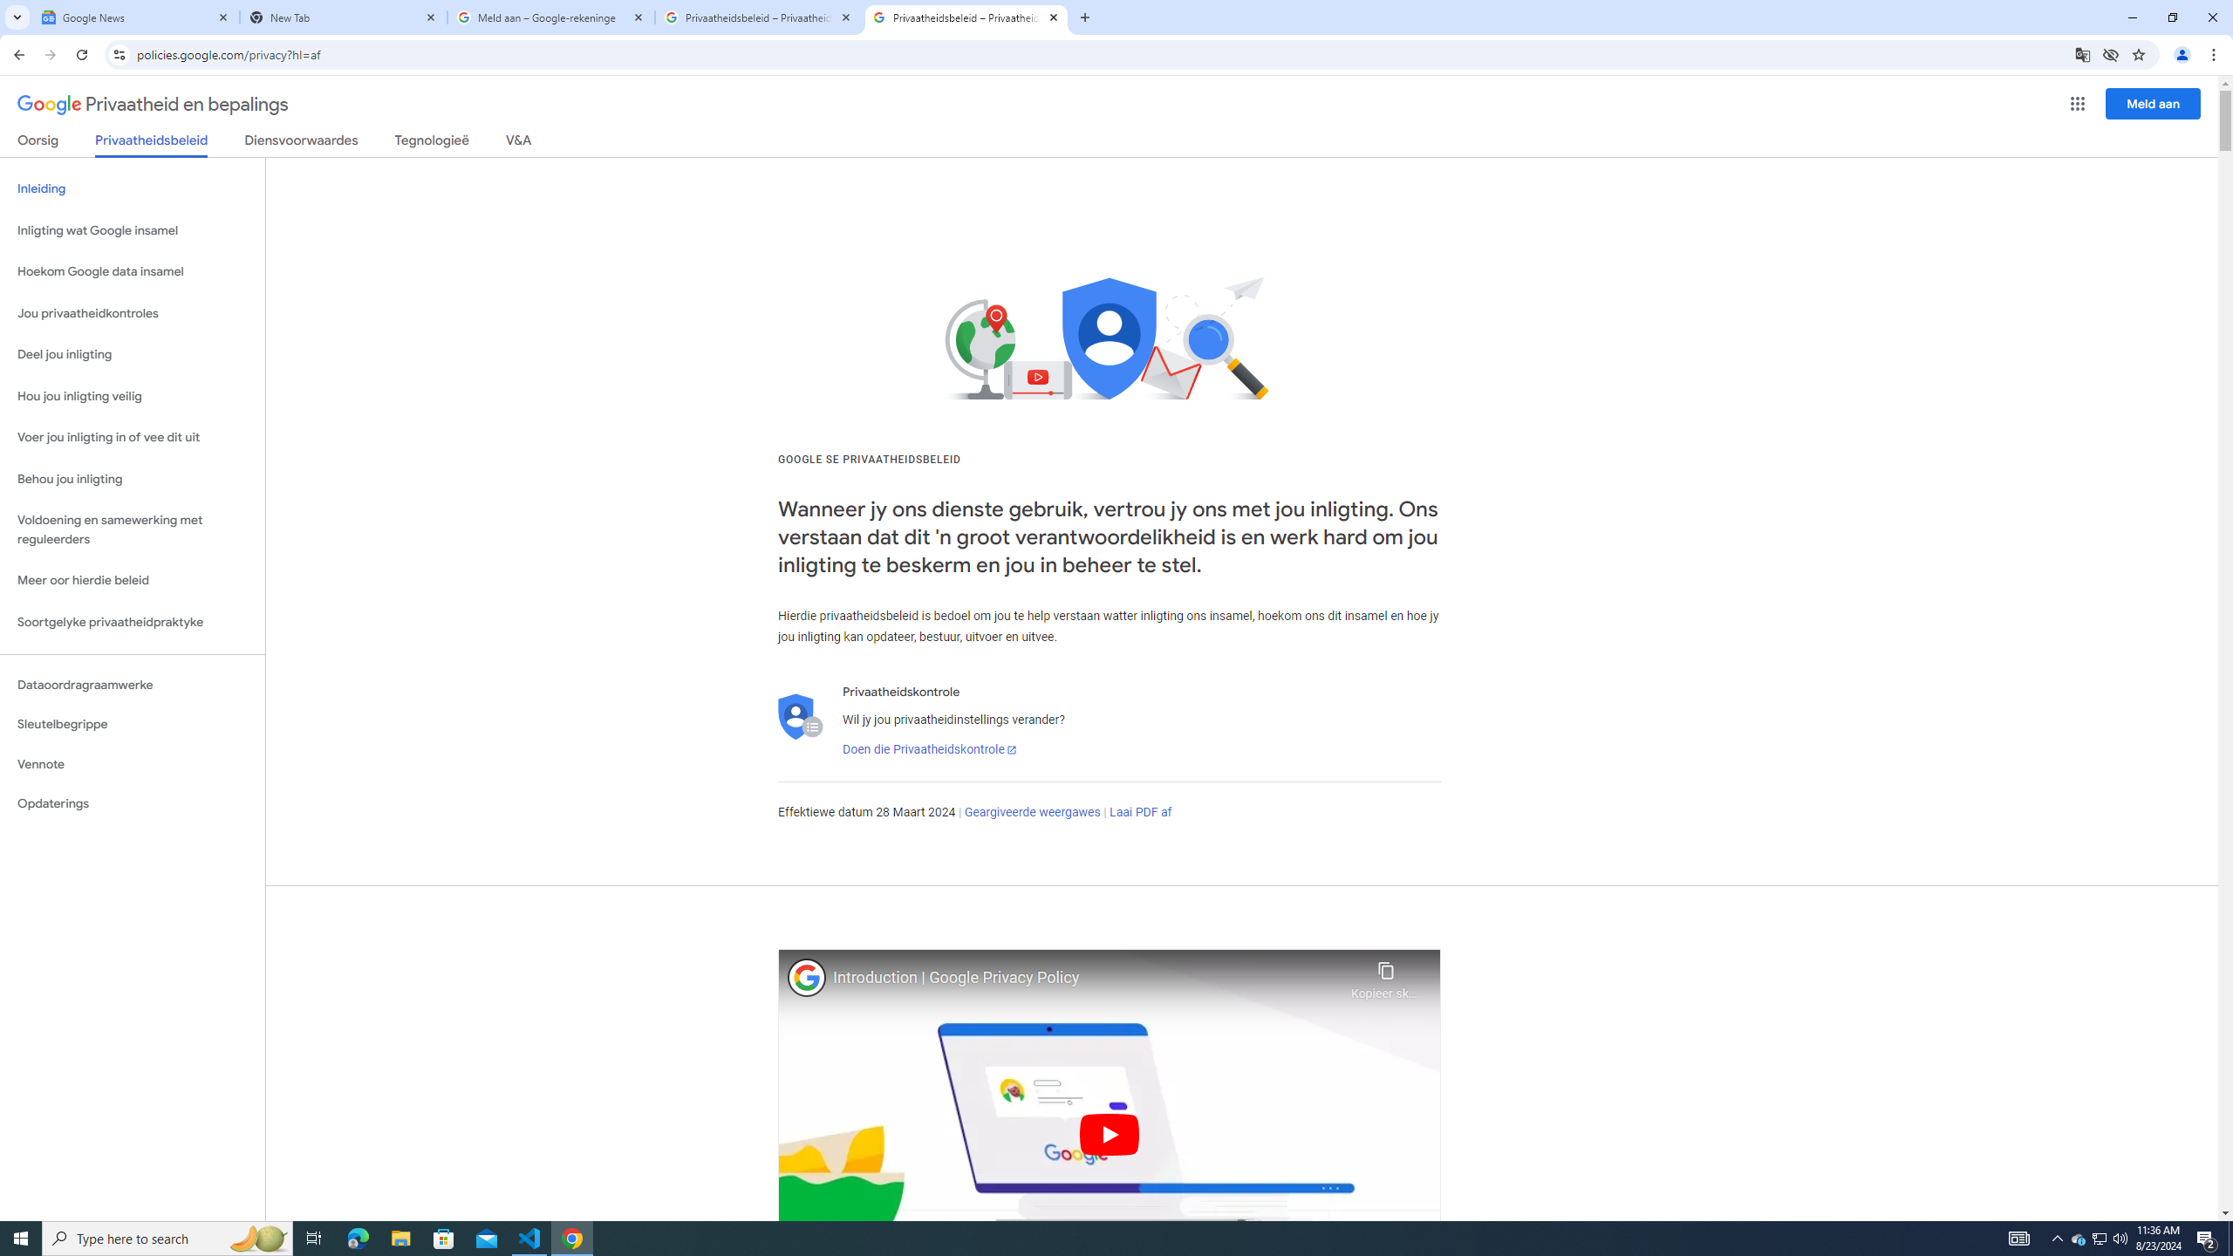 This screenshot has width=2233, height=1256. What do you see at coordinates (152, 144) in the screenshot?
I see `'Privaatheidsbeleid'` at bounding box center [152, 144].